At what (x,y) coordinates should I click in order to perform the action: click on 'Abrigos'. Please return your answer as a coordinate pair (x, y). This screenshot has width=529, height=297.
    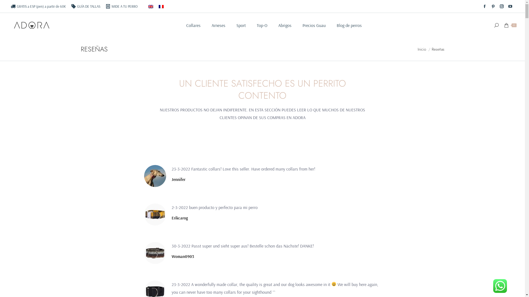
    Looking at the image, I should click on (285, 25).